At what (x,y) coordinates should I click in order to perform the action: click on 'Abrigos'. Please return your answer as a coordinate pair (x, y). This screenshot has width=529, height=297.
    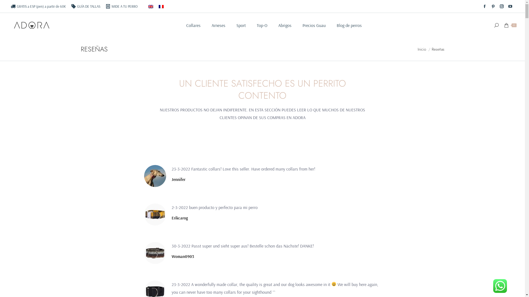
    Looking at the image, I should click on (285, 25).